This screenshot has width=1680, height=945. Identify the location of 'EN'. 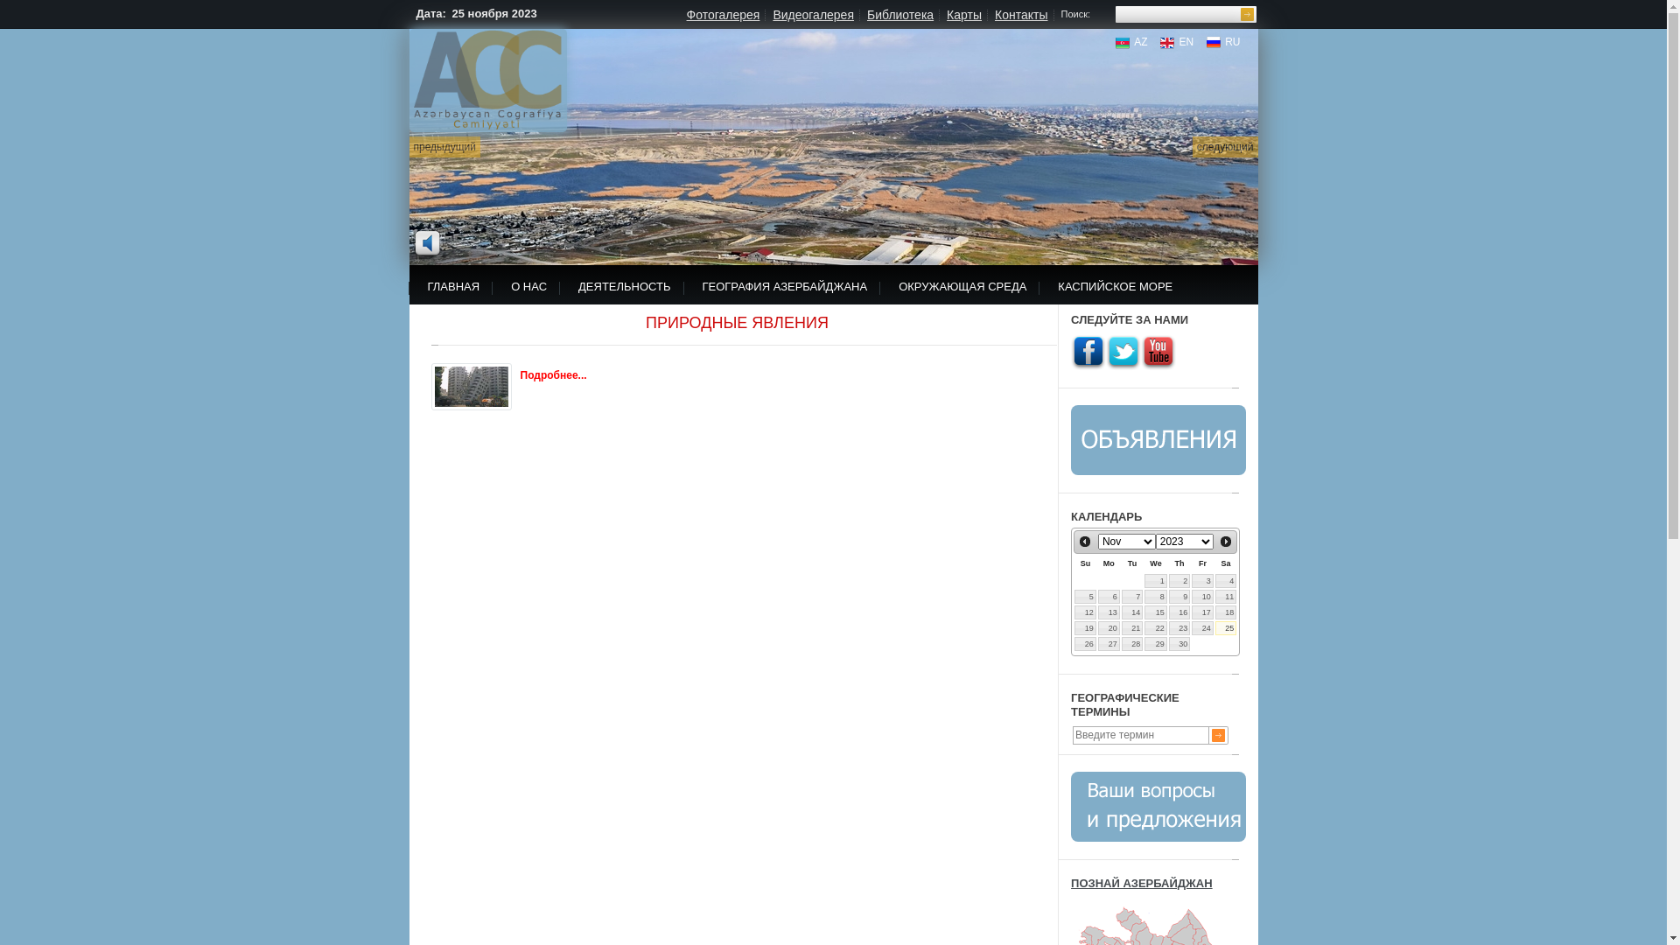
(1176, 40).